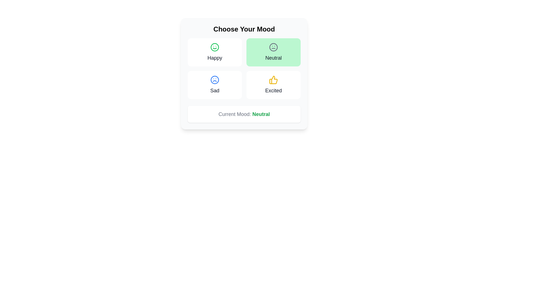 The height and width of the screenshot is (304, 542). What do you see at coordinates (215, 90) in the screenshot?
I see `text displayed in the Text Label that shows 'Sad', which is styled in bold and medium-sized dark gray font, located in the bottom-left card of the mood options grid` at bounding box center [215, 90].